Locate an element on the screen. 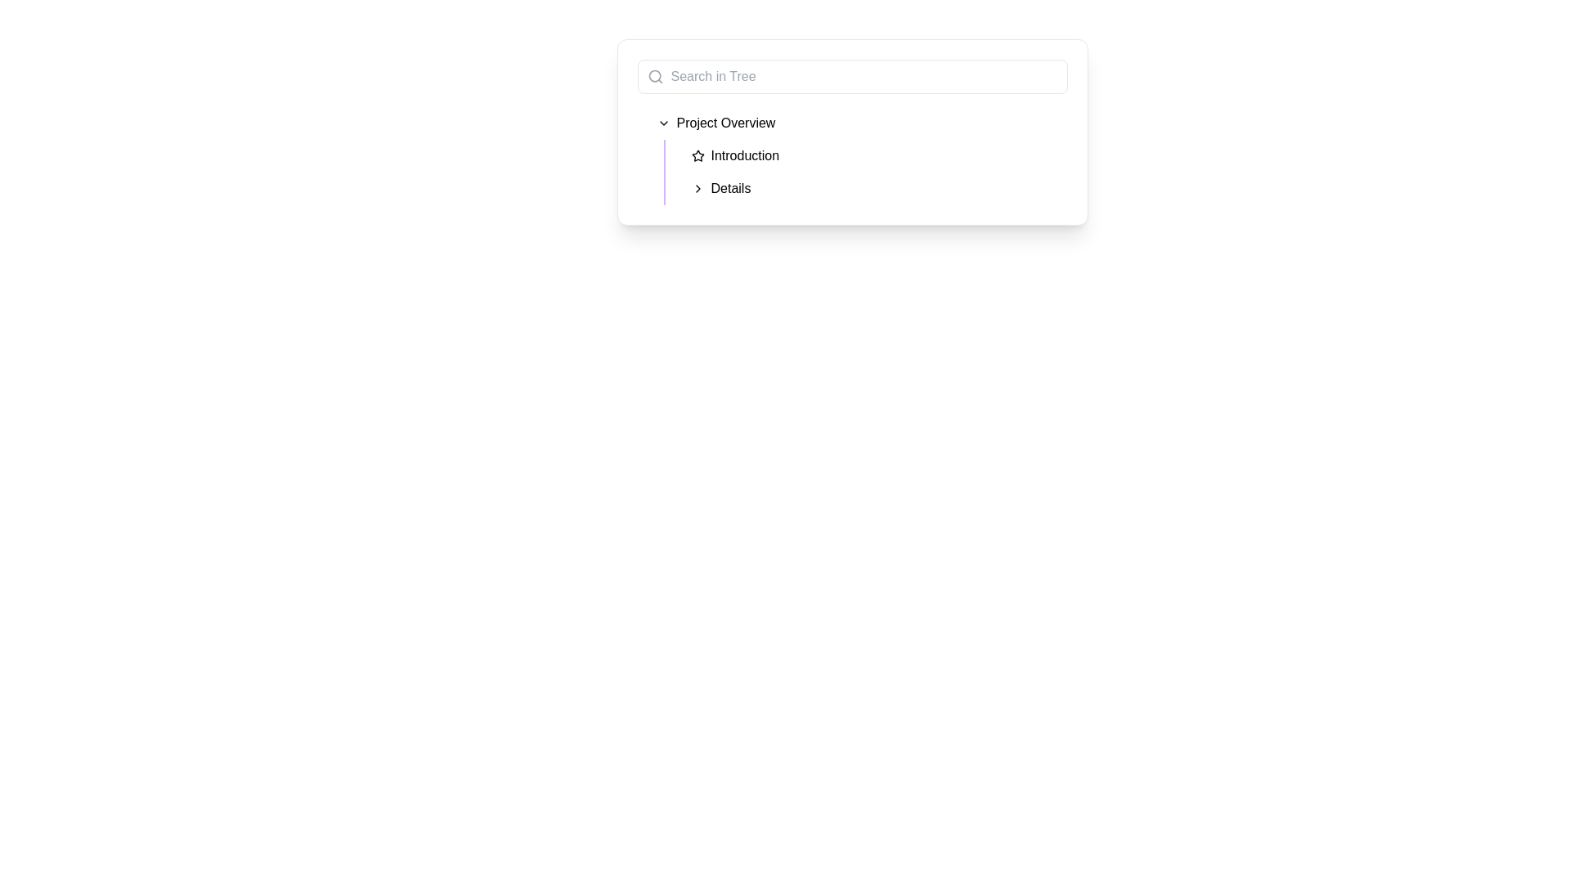 The image size is (1570, 883). the magnifying glass icon indicating the search feature within the input box, located at the top-left side of the search input area is located at coordinates (655, 76).